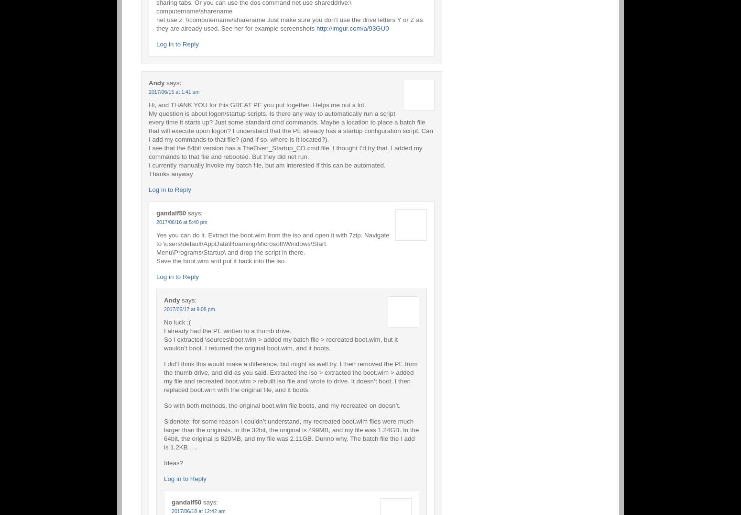  I want to click on 'I did’t think this would make a difference, but might as well try. I then removed the PE from the thumb drive, and did as you said. Extracted the iso > extracted the boot.wim > added my file and recreated boot.wim > rebuilt iso file and wrote to drive. It doesn’t boot. I then replaced boot.wim with the original file, and it boots.', so click(291, 376).